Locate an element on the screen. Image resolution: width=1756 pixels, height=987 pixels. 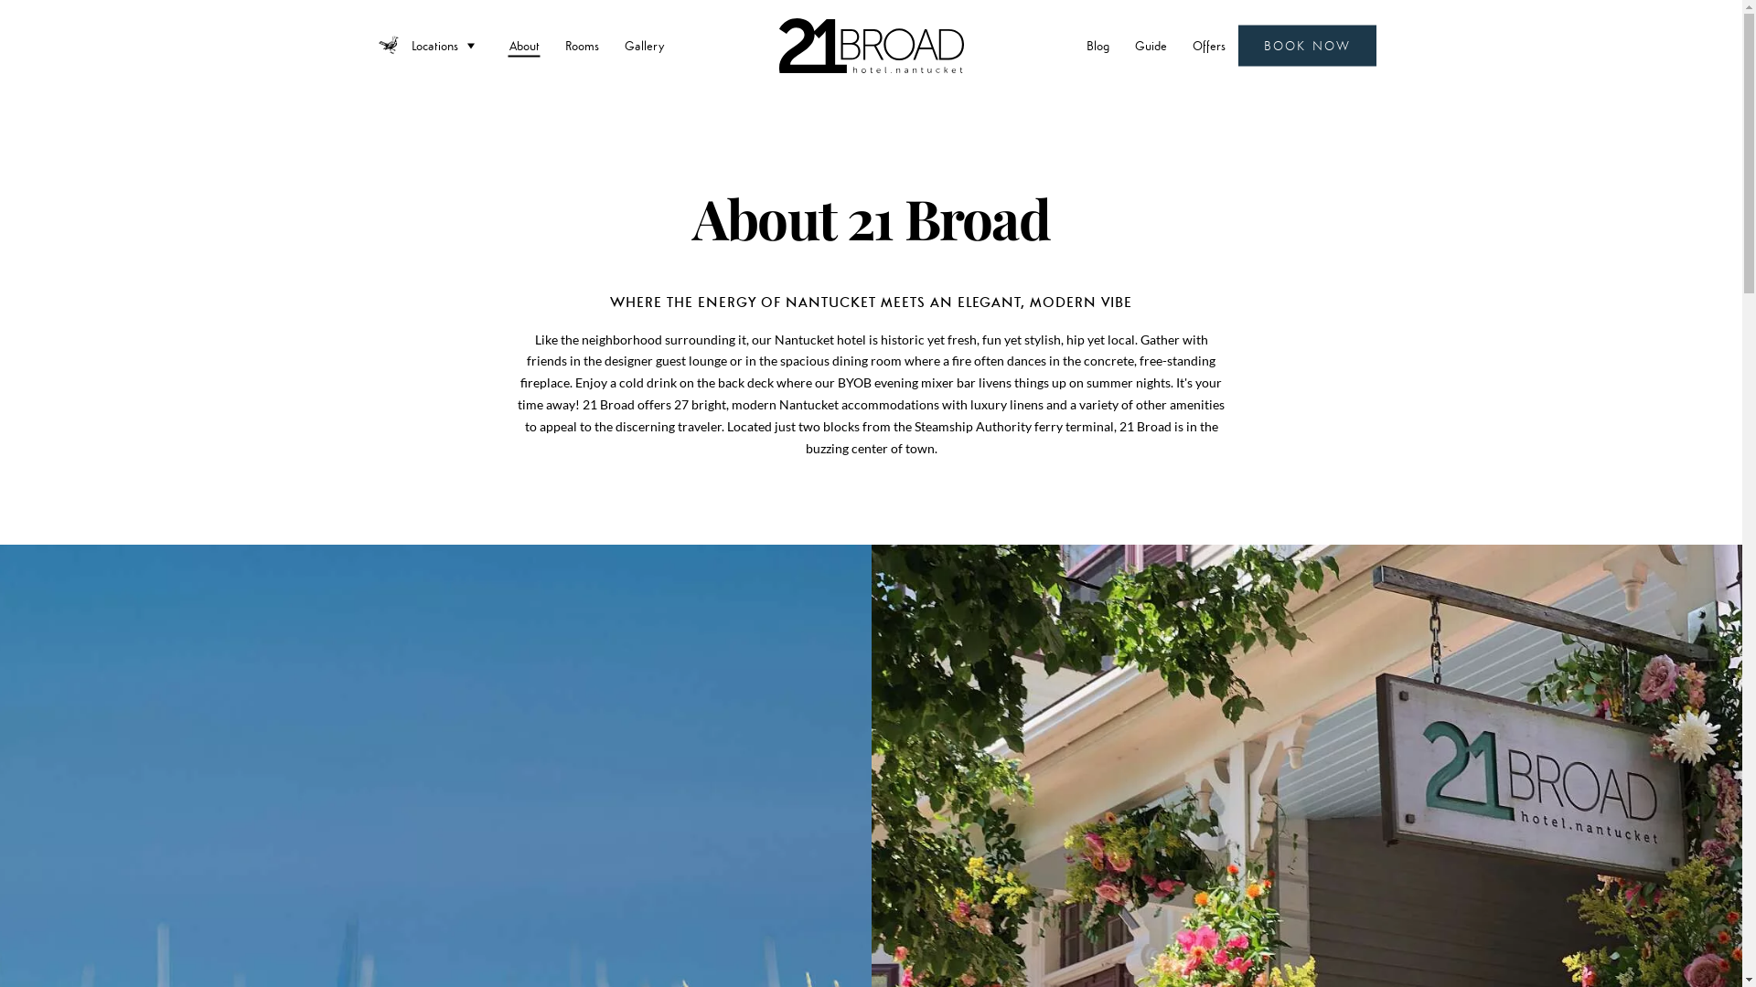
'Rooms' is located at coordinates (581, 45).